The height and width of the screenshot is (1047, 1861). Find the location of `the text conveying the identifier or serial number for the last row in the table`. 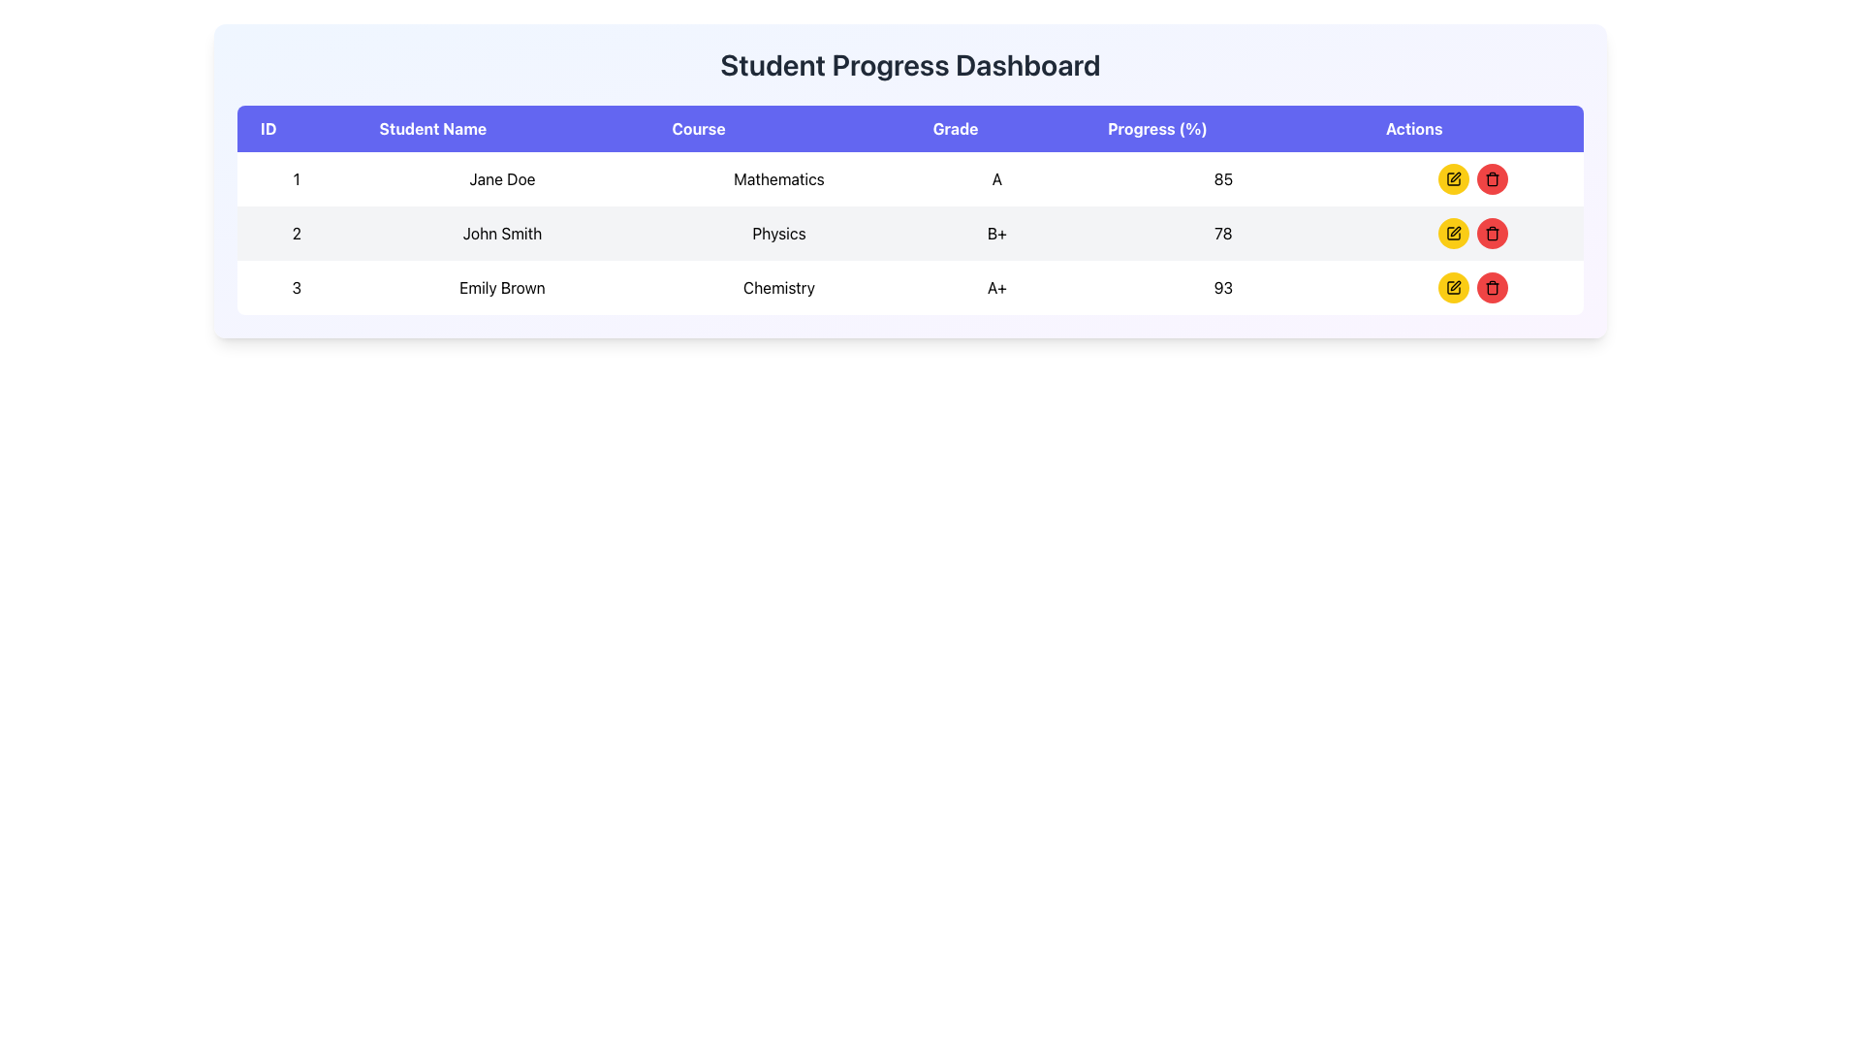

the text conveying the identifier or serial number for the last row in the table is located at coordinates (296, 288).